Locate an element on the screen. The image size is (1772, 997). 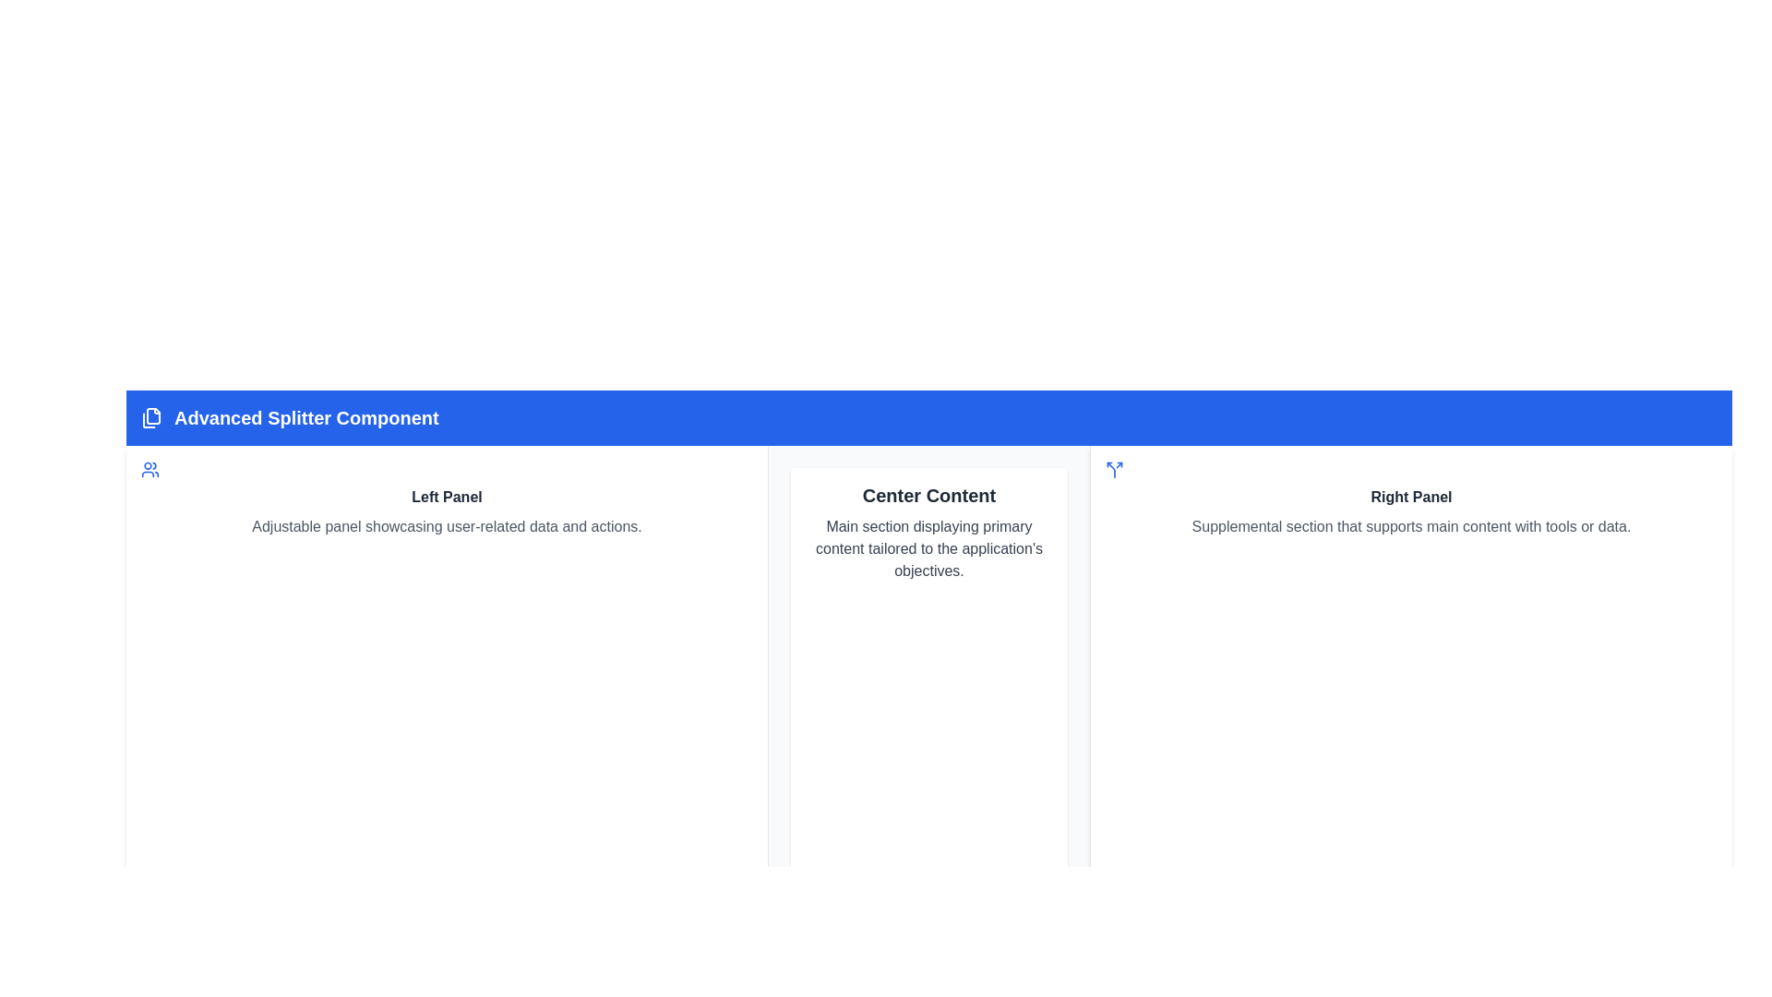
the Text label in the blue header bar that indicates the current page or section (Advanced Splitter Component) is located at coordinates (306, 417).